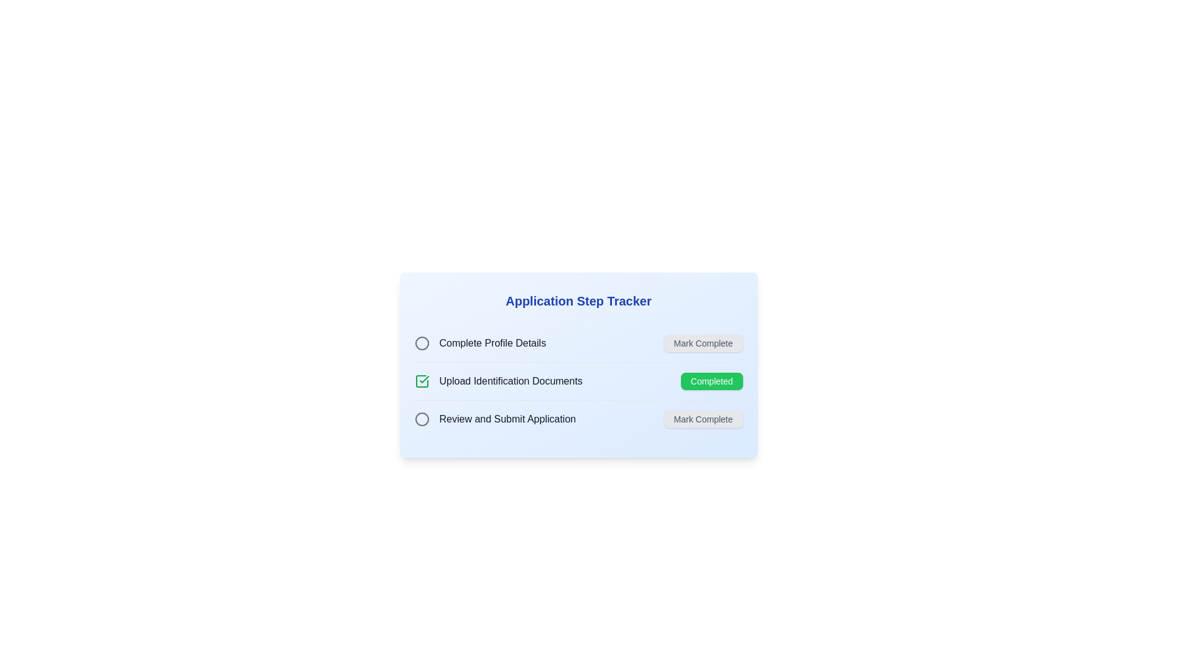 The image size is (1194, 672). Describe the element at coordinates (507, 419) in the screenshot. I see `the label indicating the step 'Review and Submit Application' in the Application Step Tracker, located between 'Upload Identification Documents' and 'Mark Complete'` at that location.